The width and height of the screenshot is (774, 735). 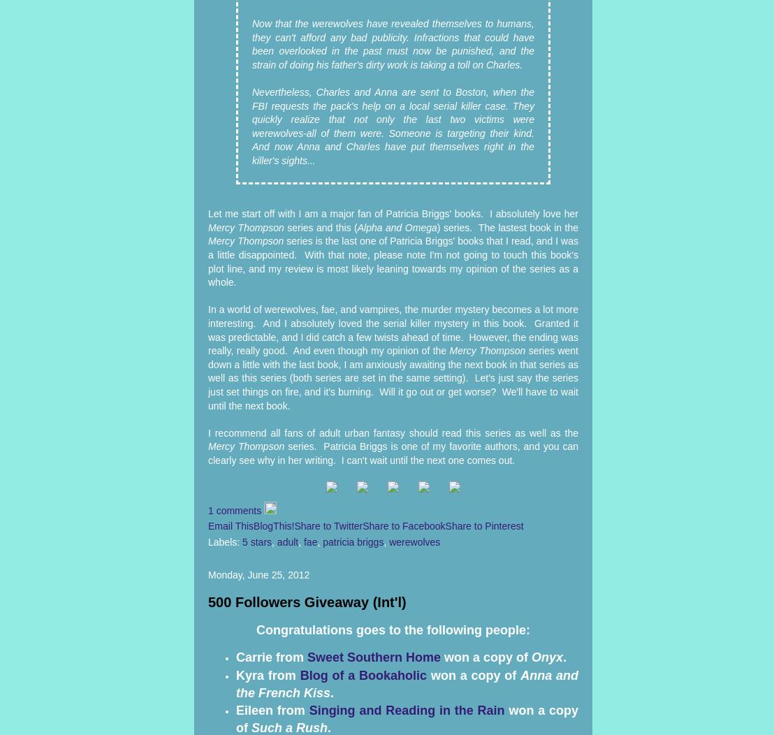 What do you see at coordinates (321, 226) in the screenshot?
I see `'series and this ('` at bounding box center [321, 226].